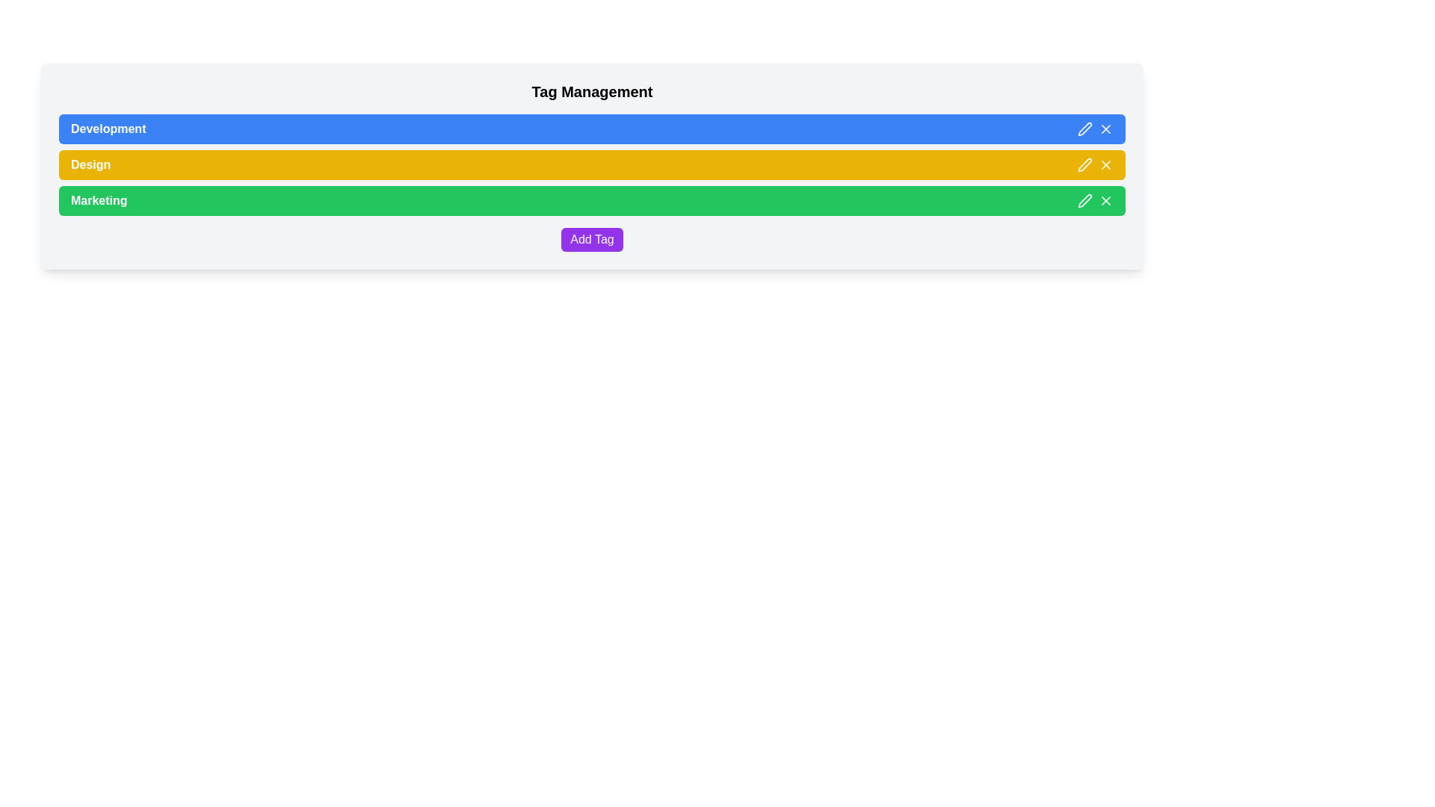 The image size is (1435, 807). What do you see at coordinates (98, 200) in the screenshot?
I see `text content of the 'Marketing' label, which is a bold white font on a green background, located third in a vertical list of three rows` at bounding box center [98, 200].